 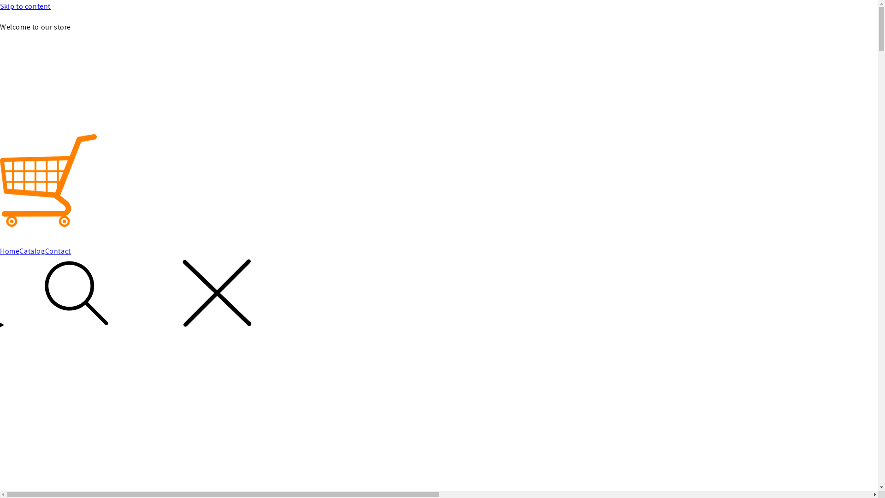 I want to click on 'Catalog', so click(x=32, y=251).